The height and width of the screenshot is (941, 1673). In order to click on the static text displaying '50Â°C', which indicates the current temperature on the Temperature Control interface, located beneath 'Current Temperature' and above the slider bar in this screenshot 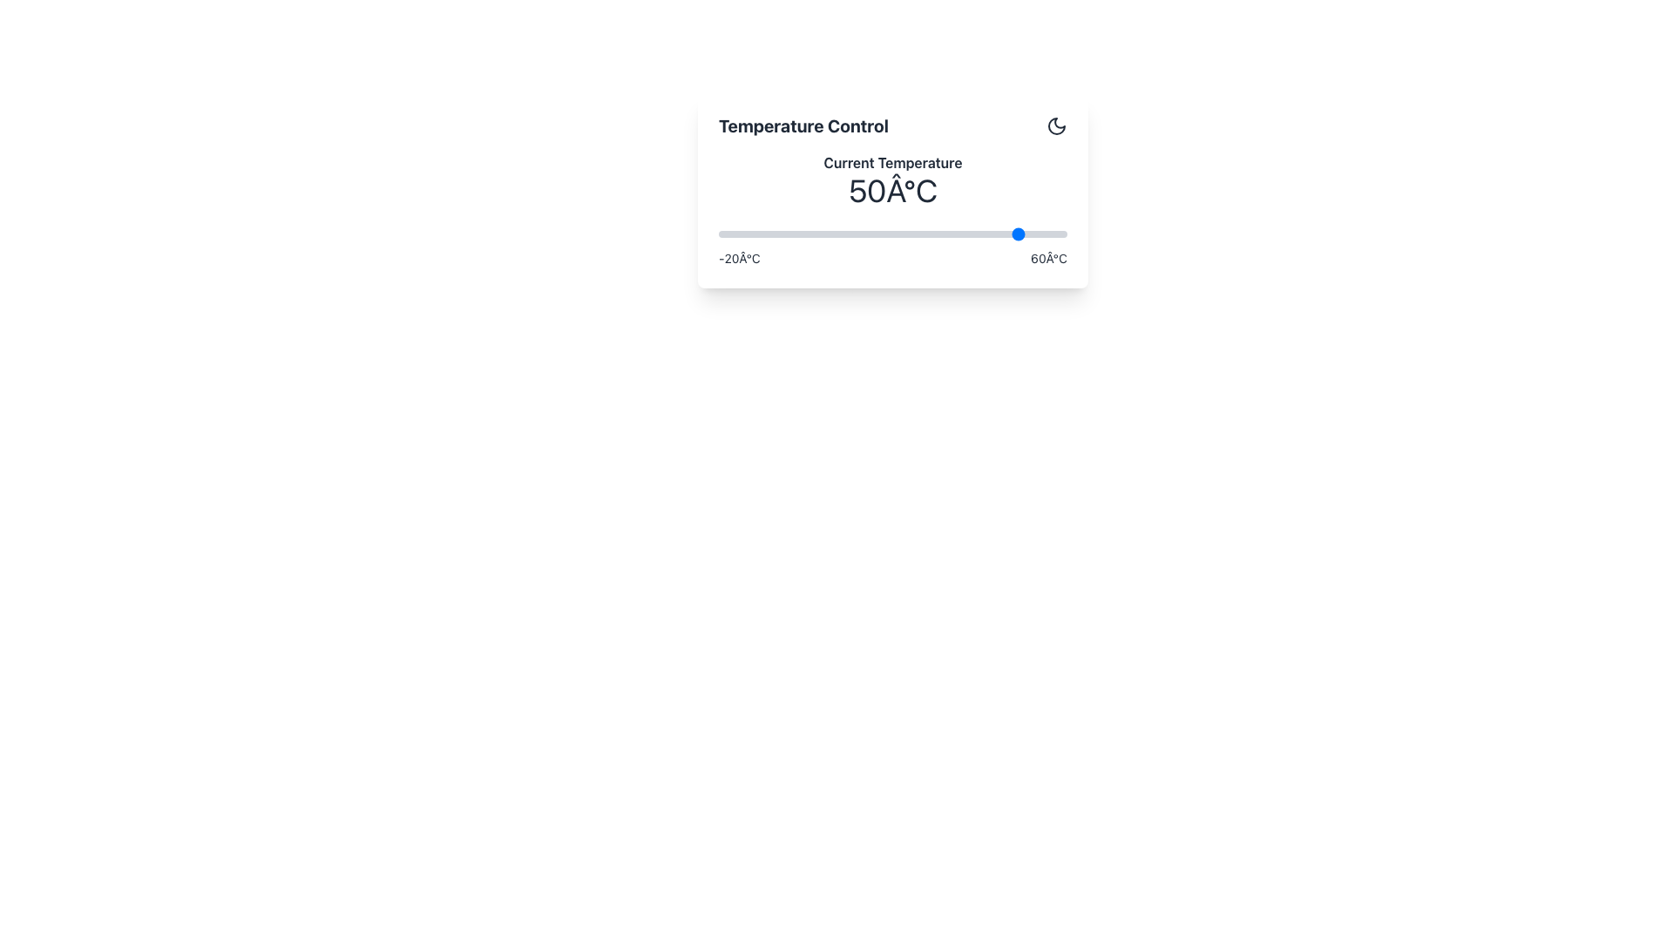, I will do `click(893, 191)`.